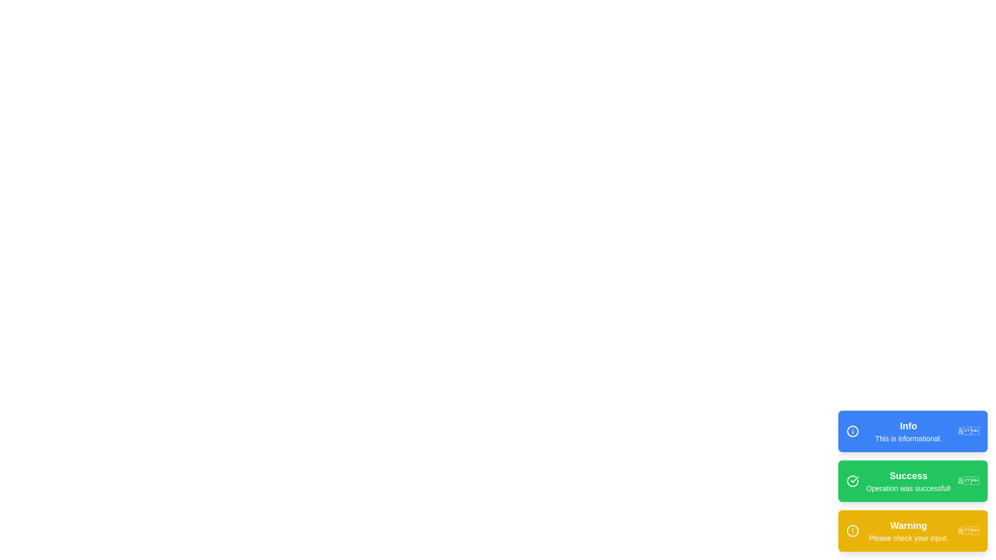 This screenshot has height=560, width=996. What do you see at coordinates (908, 526) in the screenshot?
I see `text label indicating the warning notification located at the bottom section of the alert box, above the smaller text 'Please check your input.'` at bounding box center [908, 526].